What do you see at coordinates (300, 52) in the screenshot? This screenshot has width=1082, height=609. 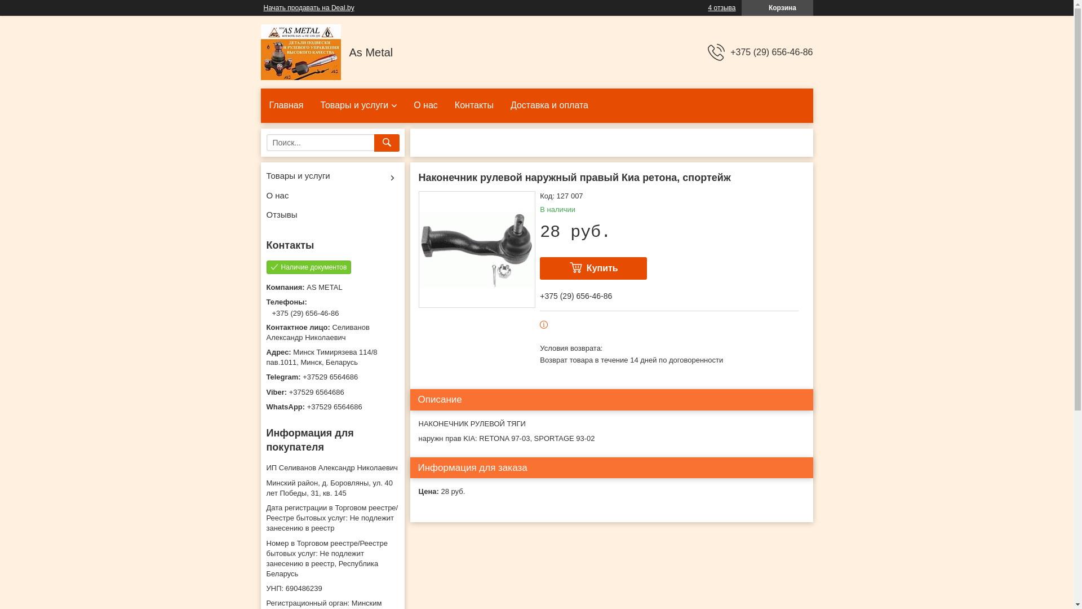 I see `'AS METAL'` at bounding box center [300, 52].